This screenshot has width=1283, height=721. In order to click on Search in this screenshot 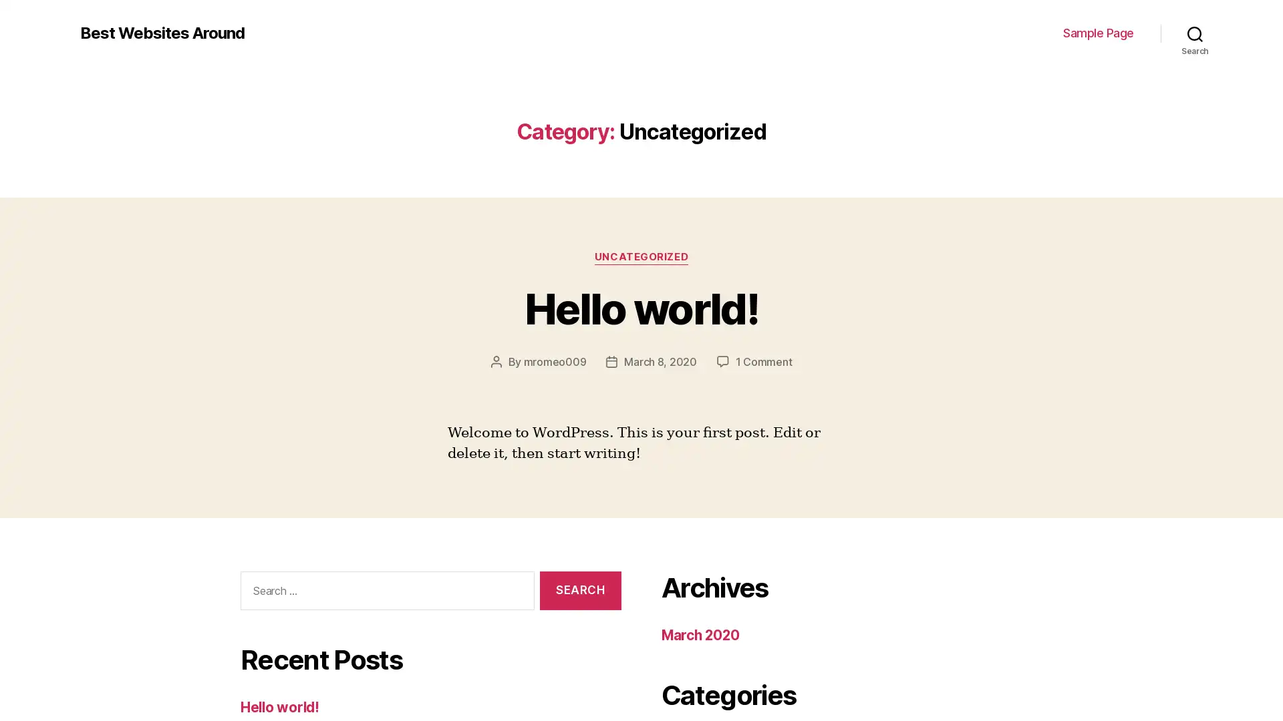, I will do `click(580, 589)`.